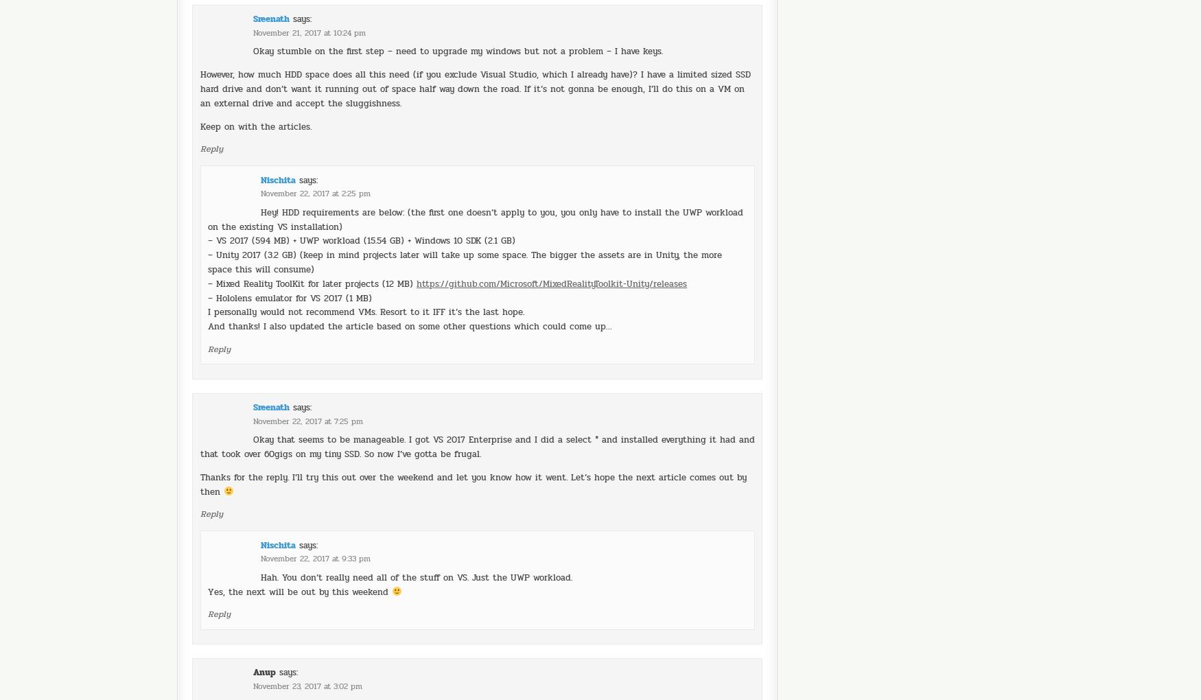 The width and height of the screenshot is (1201, 700). I want to click on 'Is there an equivalent or similar thing that can be tried on Linux?', so click(396, 666).